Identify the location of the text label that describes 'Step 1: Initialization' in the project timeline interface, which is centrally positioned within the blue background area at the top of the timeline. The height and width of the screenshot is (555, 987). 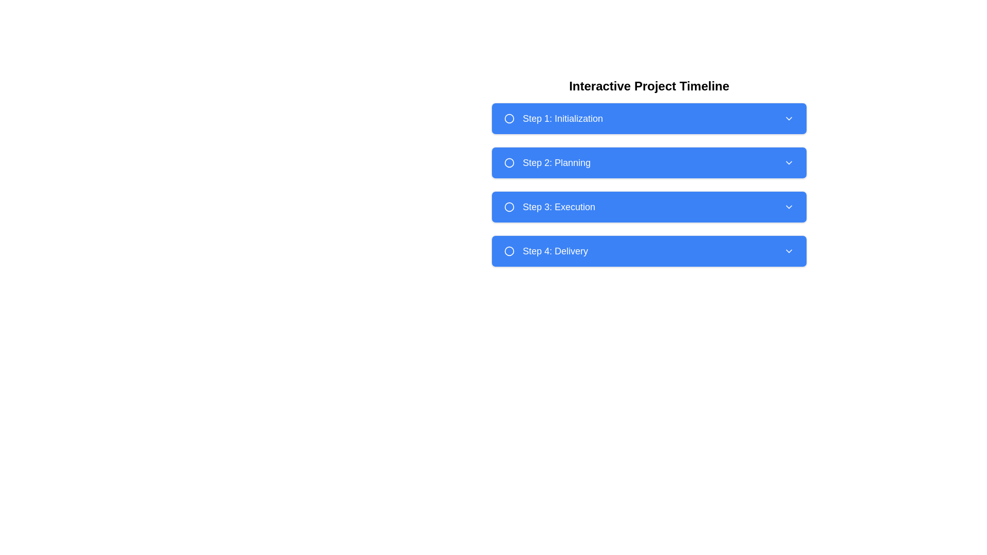
(562, 118).